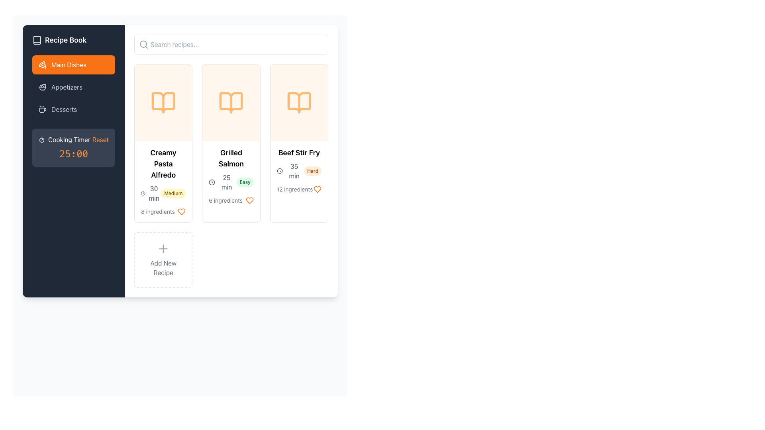 The image size is (765, 430). I want to click on the second recipe card for 'Grilled Salmon' in the 'Main Dishes' section, so click(231, 176).